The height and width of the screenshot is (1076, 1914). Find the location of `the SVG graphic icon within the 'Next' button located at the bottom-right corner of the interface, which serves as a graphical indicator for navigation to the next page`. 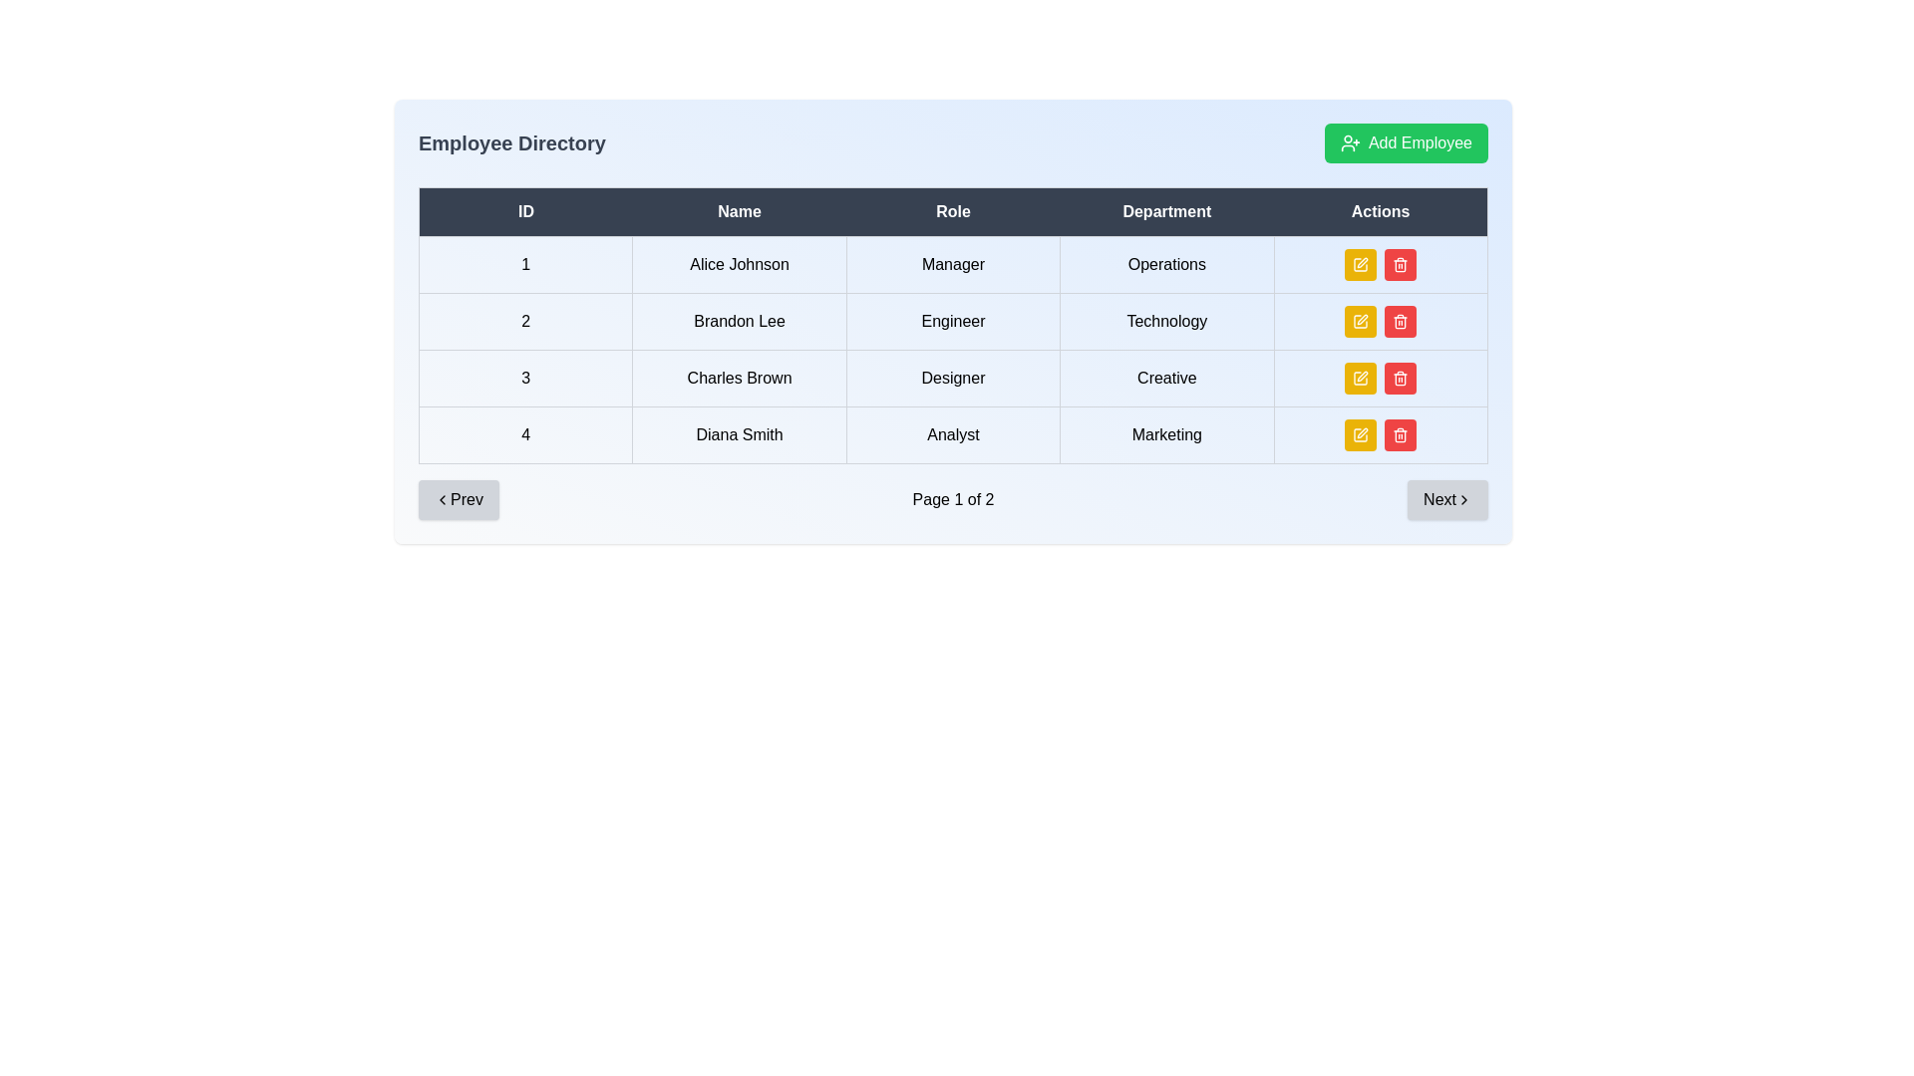

the SVG graphic icon within the 'Next' button located at the bottom-right corner of the interface, which serves as a graphical indicator for navigation to the next page is located at coordinates (1463, 498).